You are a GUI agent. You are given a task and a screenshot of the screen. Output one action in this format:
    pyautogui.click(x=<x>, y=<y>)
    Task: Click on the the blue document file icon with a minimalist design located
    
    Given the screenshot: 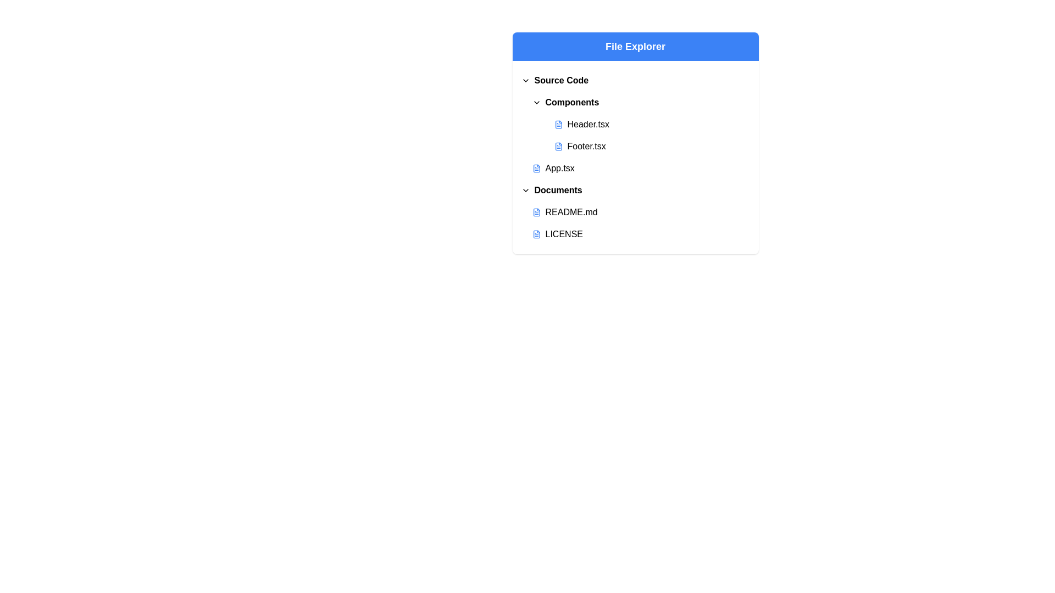 What is the action you would take?
    pyautogui.click(x=536, y=234)
    